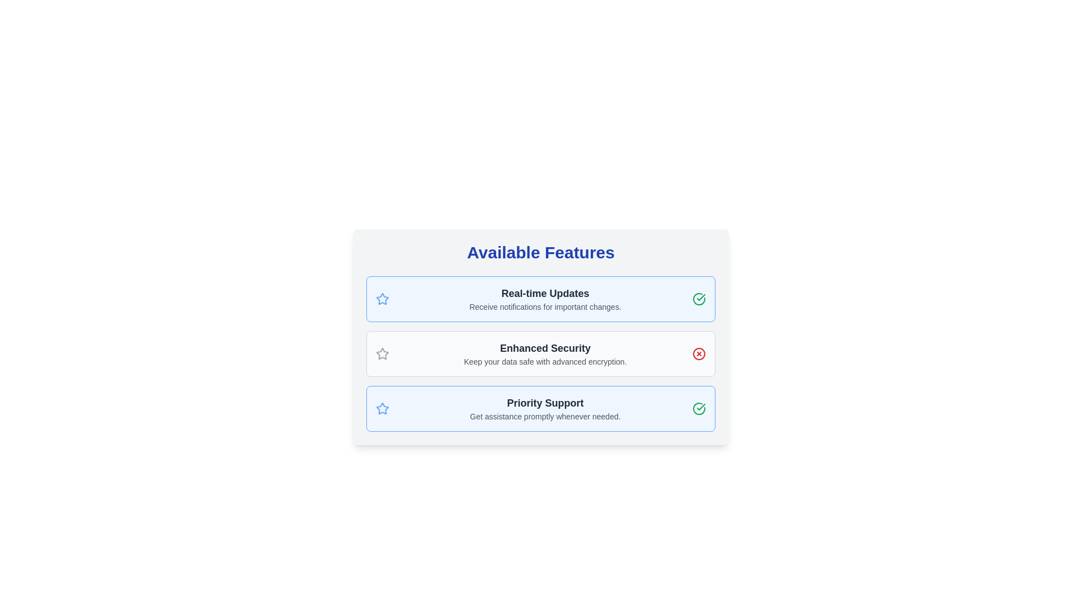 Image resolution: width=1074 pixels, height=604 pixels. I want to click on the Text Label indicating 'Enhanced Security', which describes the feature being offered, so click(545, 348).